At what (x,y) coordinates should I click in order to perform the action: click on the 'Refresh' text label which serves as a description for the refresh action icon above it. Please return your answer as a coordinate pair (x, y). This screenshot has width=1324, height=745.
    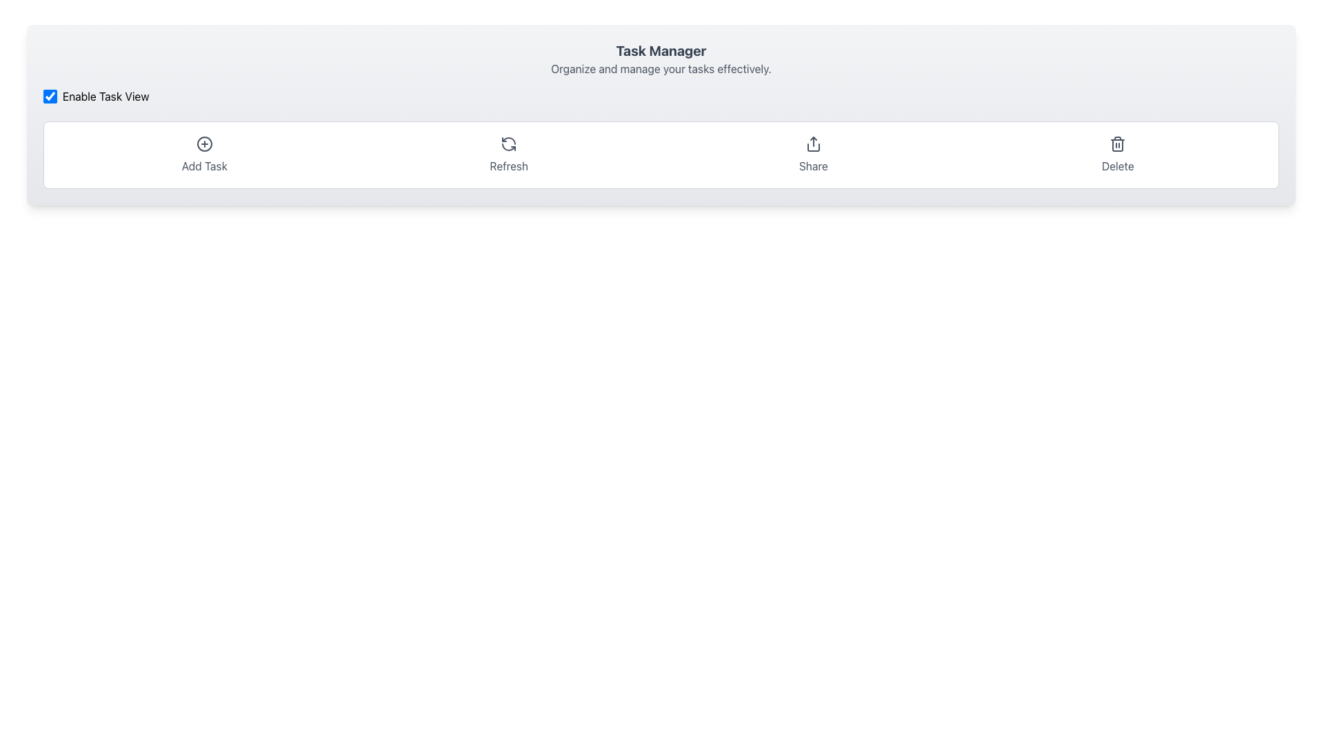
    Looking at the image, I should click on (508, 165).